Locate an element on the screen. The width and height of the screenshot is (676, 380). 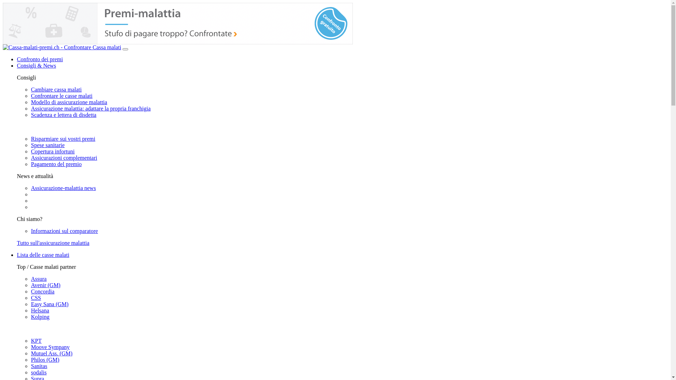
'sodalis' is located at coordinates (38, 372).